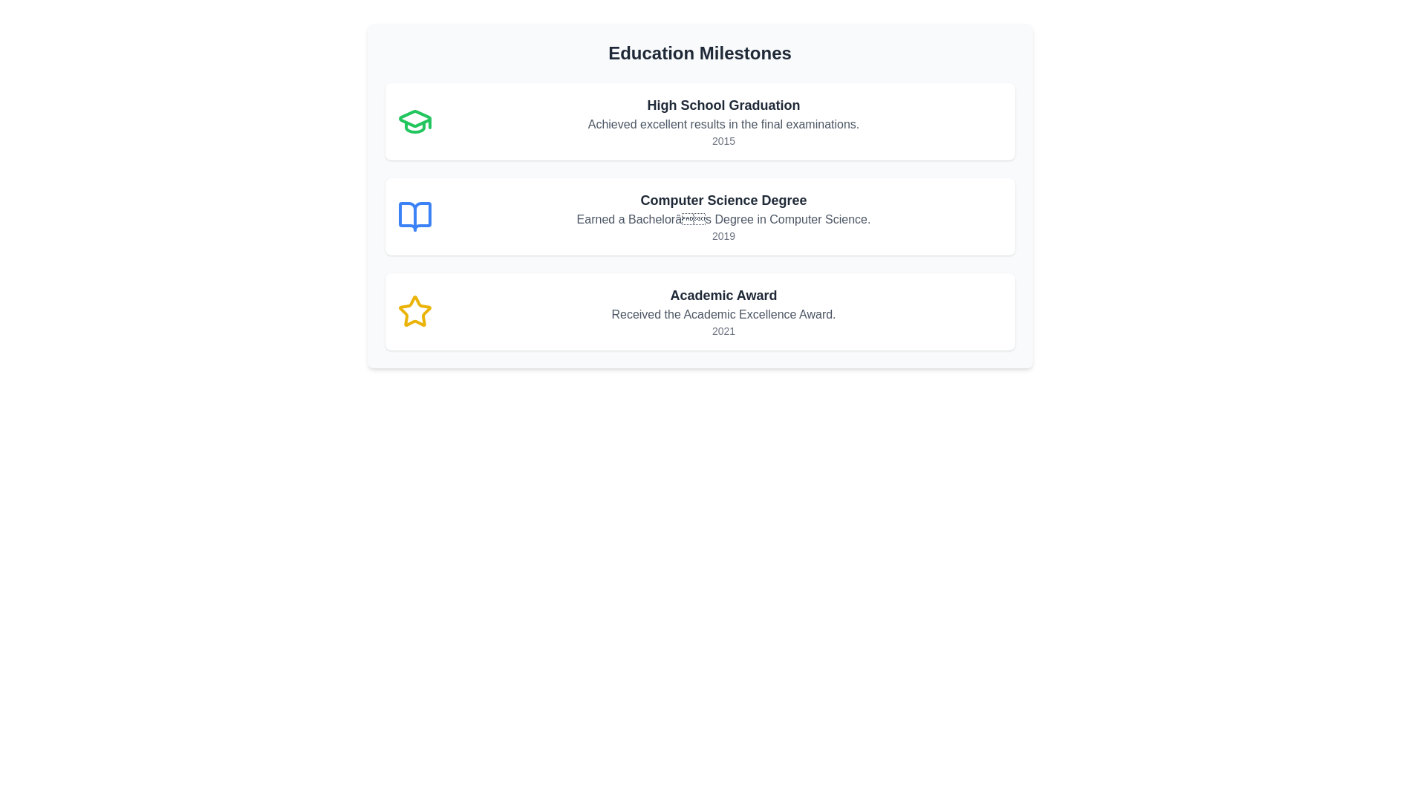  Describe the element at coordinates (414, 217) in the screenshot. I see `the blue book icon located in the 'Education Milestones' section, which is aligned to the left of the 'Computer Science Degree' text block` at that location.